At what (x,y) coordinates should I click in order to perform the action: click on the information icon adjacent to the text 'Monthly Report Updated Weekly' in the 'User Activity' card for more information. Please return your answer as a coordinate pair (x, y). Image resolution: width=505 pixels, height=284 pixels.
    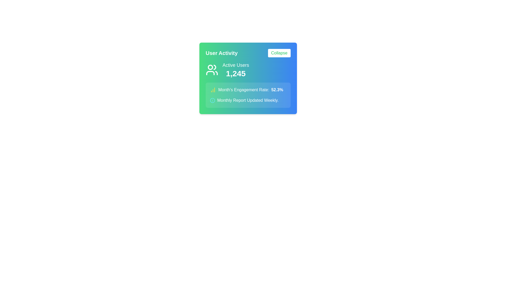
    Looking at the image, I should click on (212, 100).